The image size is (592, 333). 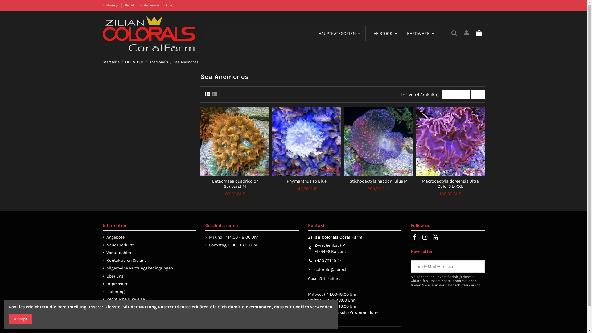 What do you see at coordinates (328, 261) in the screenshot?
I see `'+423 371 19 44'` at bounding box center [328, 261].